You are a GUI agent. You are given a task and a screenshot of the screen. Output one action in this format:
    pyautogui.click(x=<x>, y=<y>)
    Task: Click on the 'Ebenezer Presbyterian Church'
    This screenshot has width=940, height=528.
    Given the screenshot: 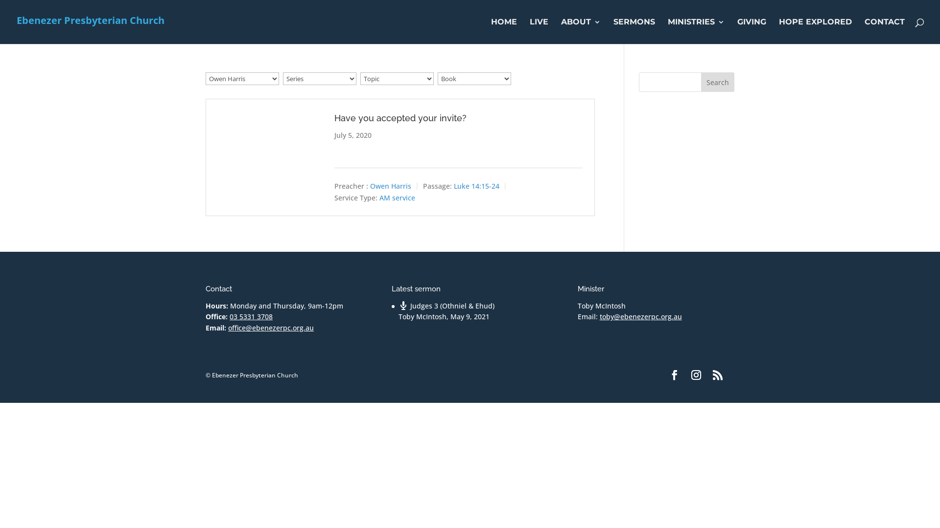 What is the action you would take?
    pyautogui.click(x=91, y=21)
    